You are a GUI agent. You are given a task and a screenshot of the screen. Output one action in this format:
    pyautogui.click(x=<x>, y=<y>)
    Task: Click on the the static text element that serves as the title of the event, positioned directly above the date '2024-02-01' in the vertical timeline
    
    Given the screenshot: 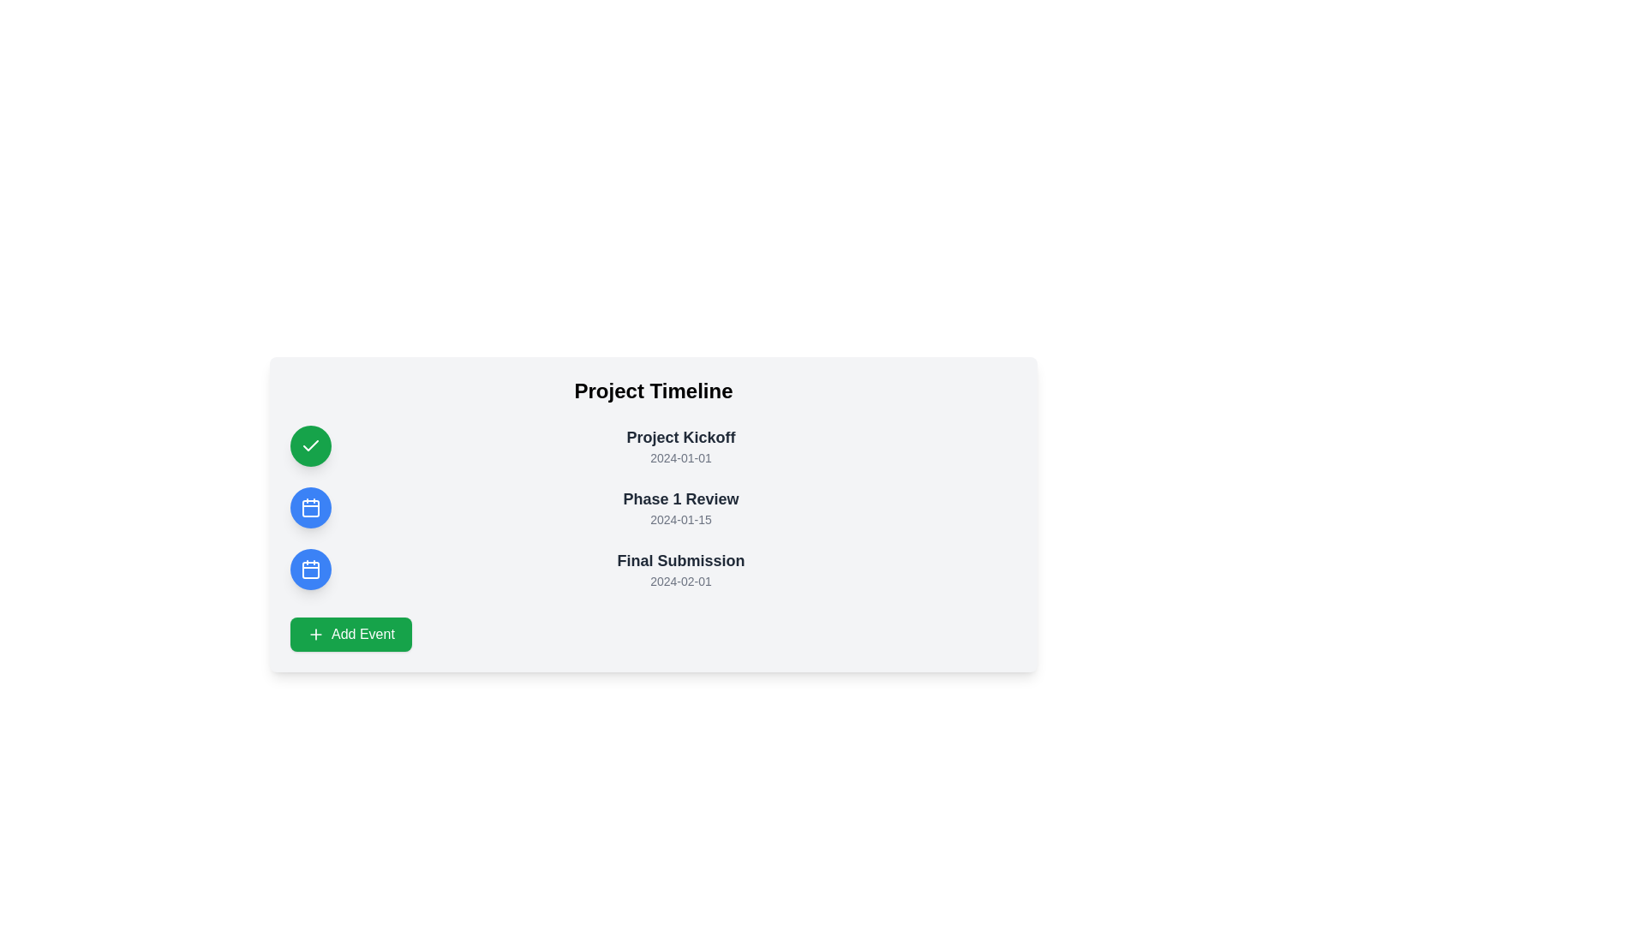 What is the action you would take?
    pyautogui.click(x=680, y=561)
    